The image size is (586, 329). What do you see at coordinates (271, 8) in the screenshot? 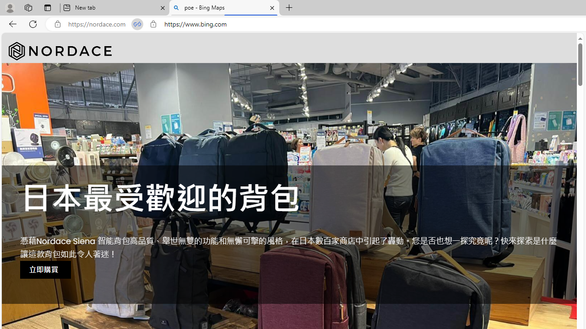
I see `'Close tab'` at bounding box center [271, 8].